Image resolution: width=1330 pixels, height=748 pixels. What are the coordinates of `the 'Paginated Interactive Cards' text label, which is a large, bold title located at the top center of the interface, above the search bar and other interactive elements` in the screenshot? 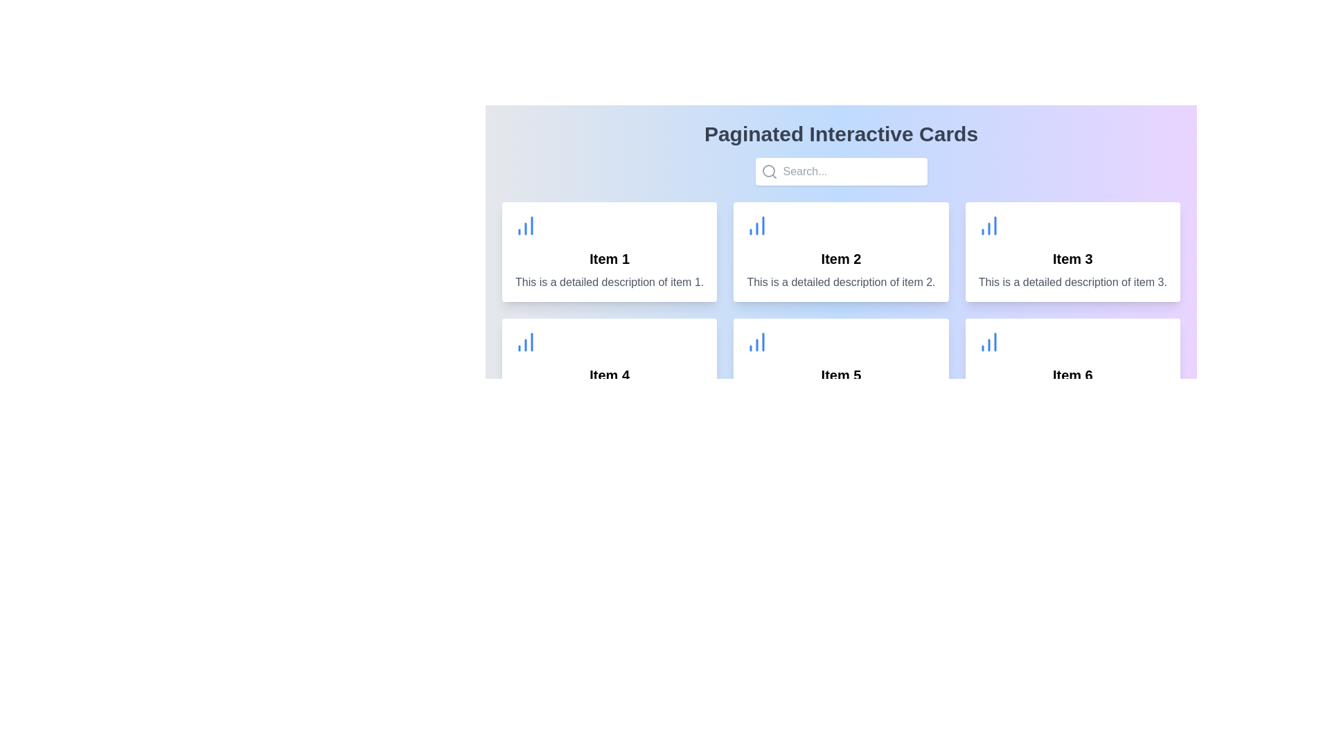 It's located at (840, 134).